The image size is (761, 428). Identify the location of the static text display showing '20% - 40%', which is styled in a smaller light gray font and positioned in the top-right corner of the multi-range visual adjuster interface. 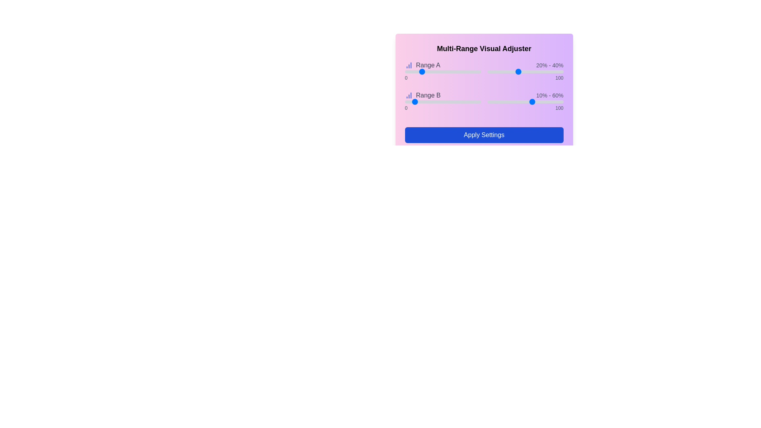
(549, 65).